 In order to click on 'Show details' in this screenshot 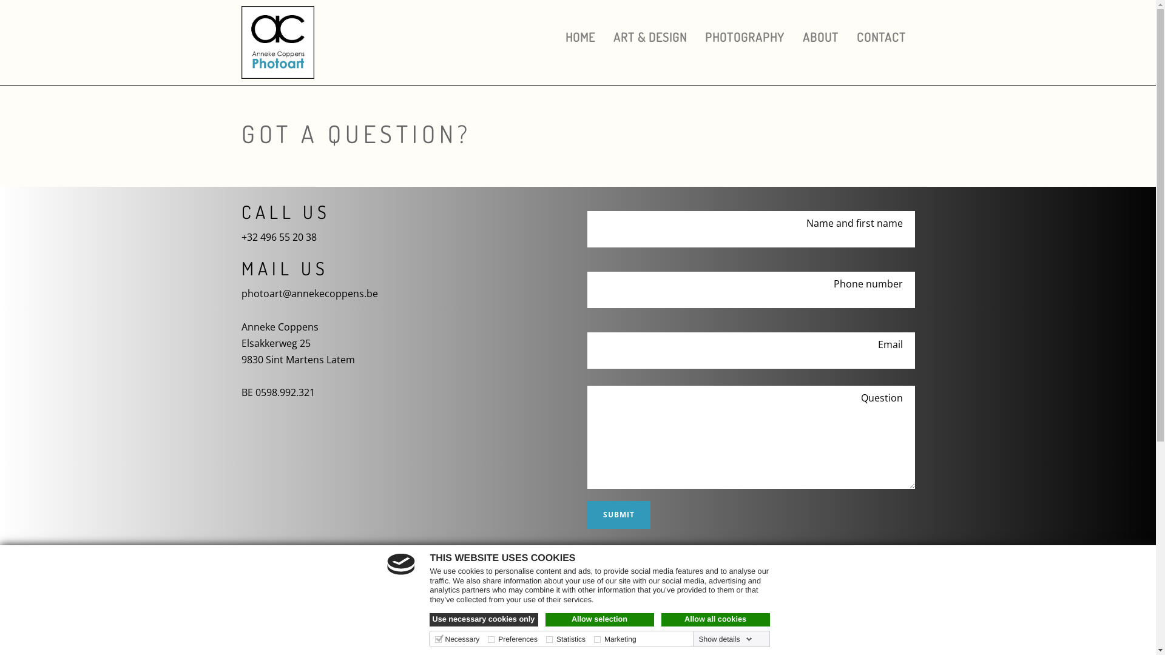, I will do `click(725, 638)`.